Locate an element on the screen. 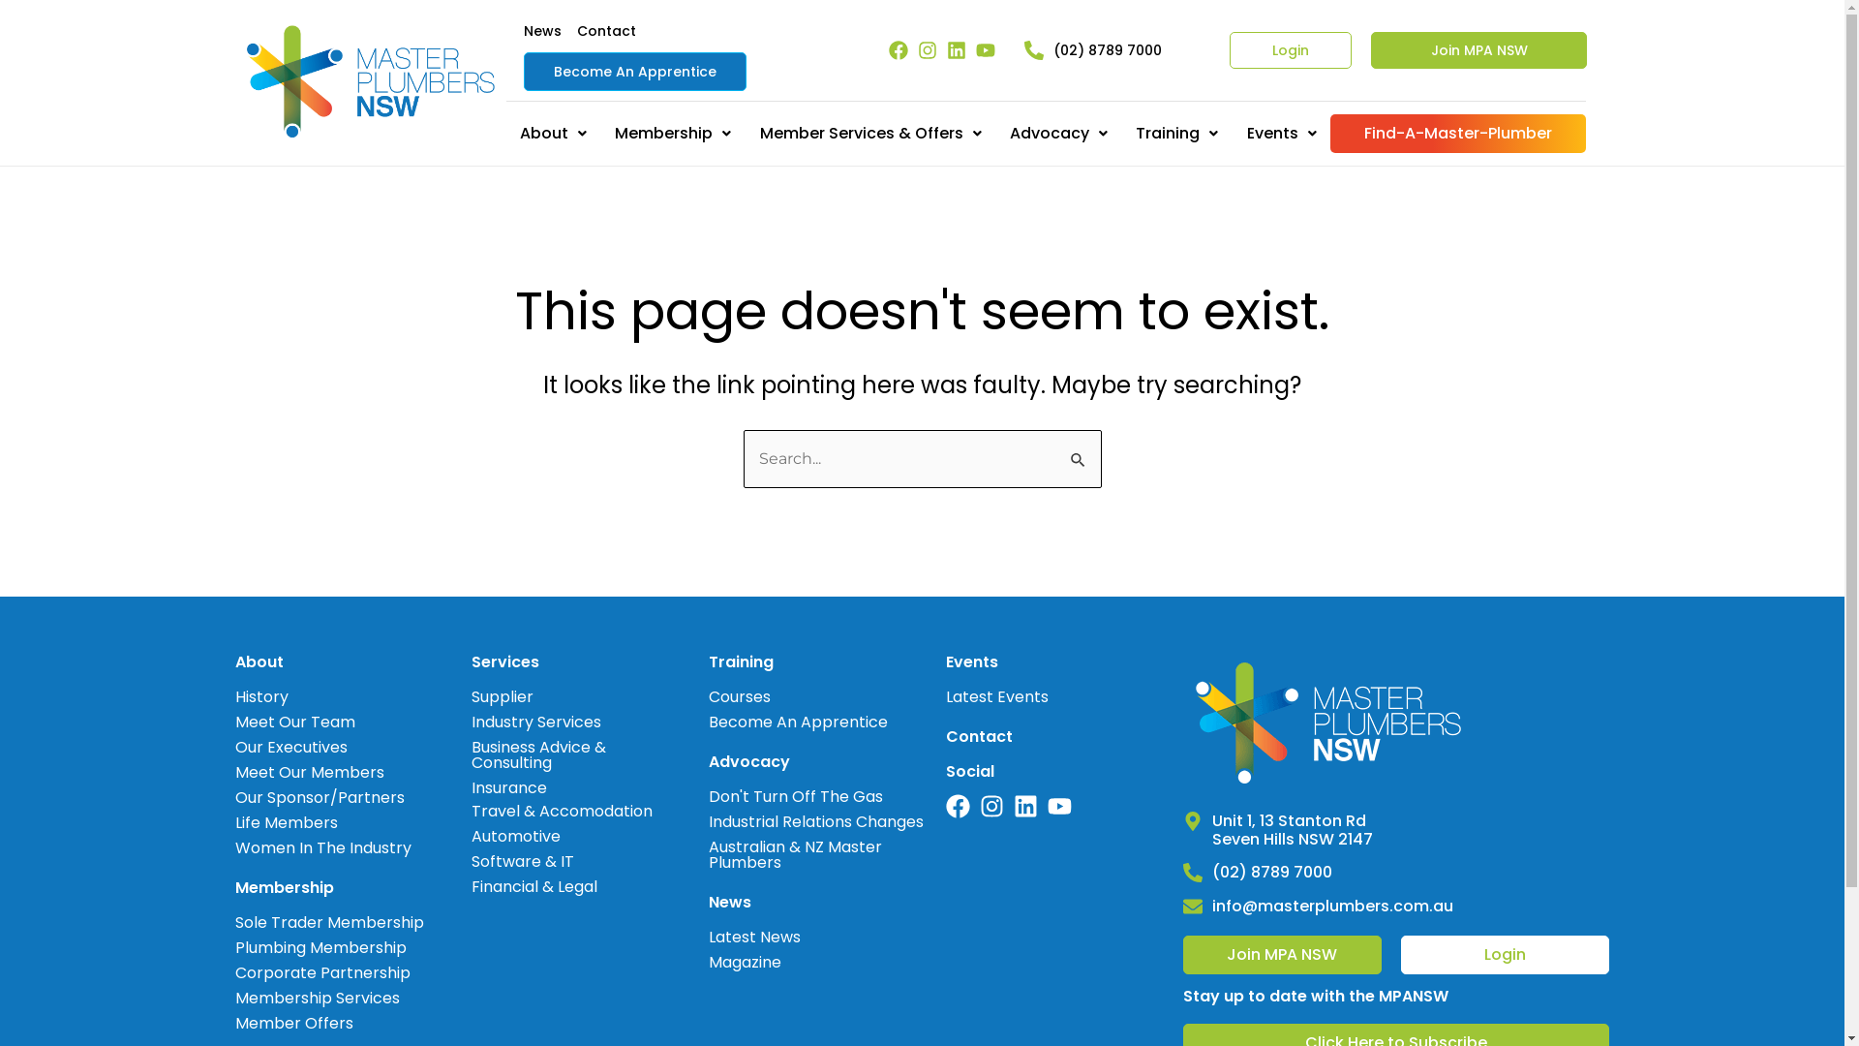  'Membership' is located at coordinates (282, 887).